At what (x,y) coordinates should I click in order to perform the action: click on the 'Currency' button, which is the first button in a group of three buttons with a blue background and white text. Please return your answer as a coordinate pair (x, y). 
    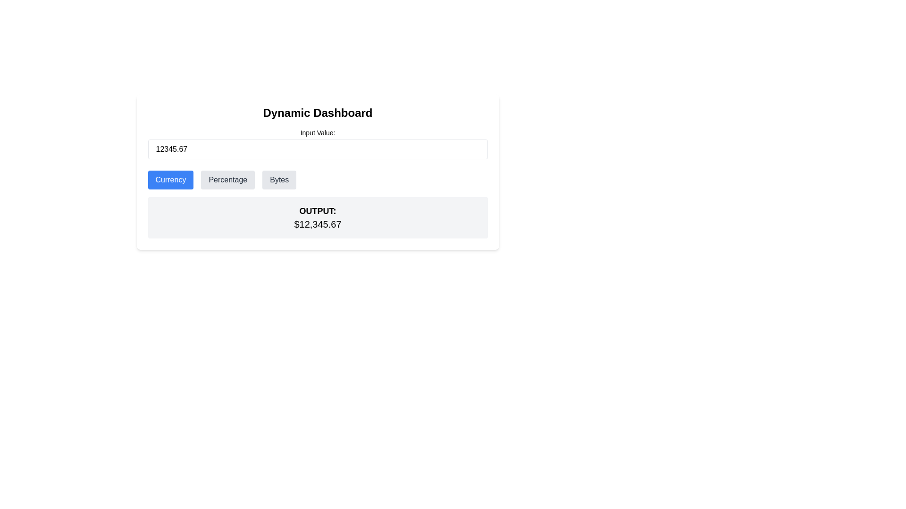
    Looking at the image, I should click on (170, 180).